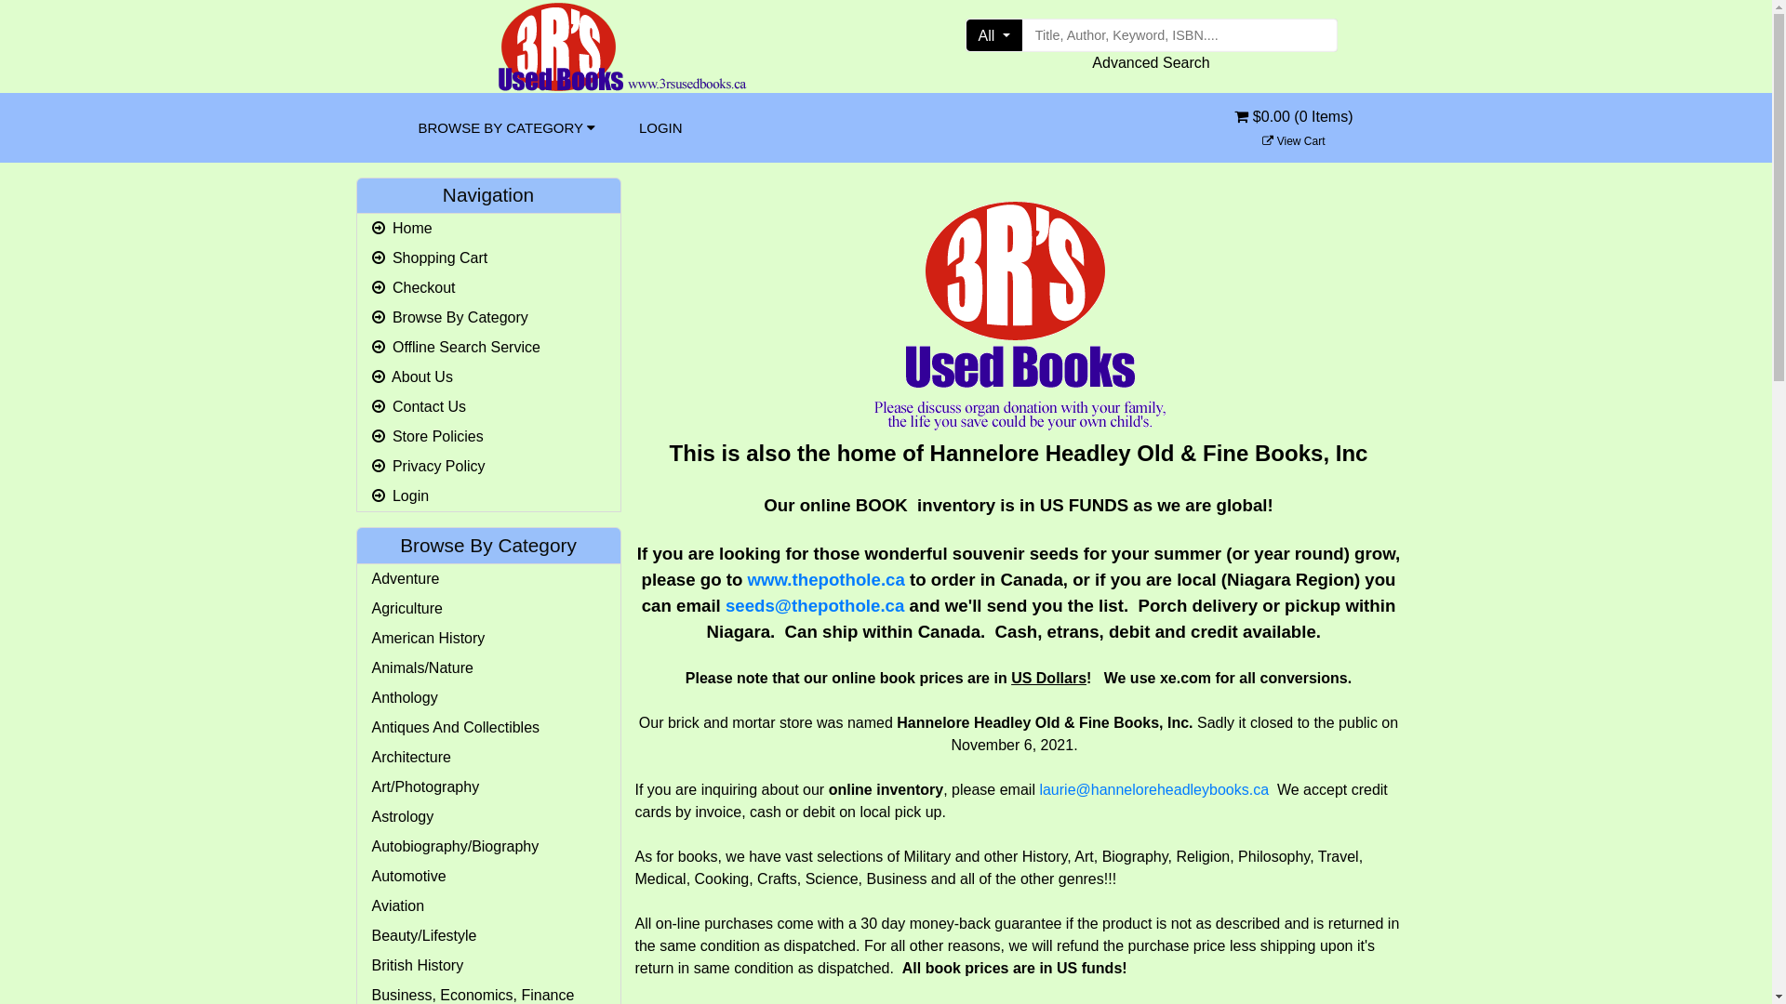 This screenshot has height=1004, width=1786. Describe the element at coordinates (624, 126) in the screenshot. I see `'LOGIN'` at that location.